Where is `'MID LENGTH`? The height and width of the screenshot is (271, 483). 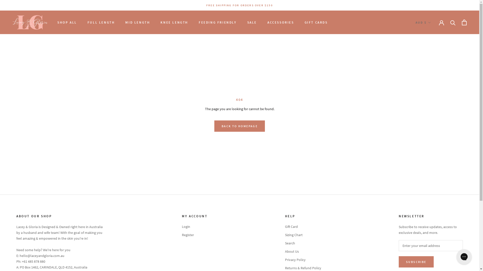 'MID LENGTH is located at coordinates (125, 22).